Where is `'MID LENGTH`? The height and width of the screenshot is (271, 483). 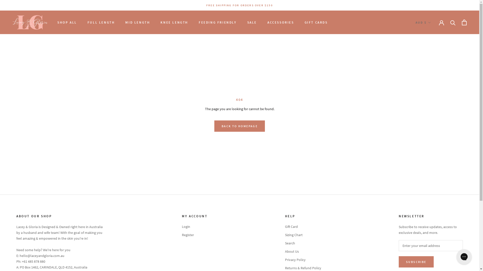 'MID LENGTH is located at coordinates (125, 22).